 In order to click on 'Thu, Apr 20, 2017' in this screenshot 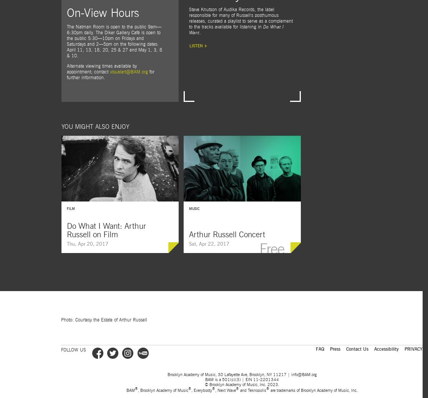, I will do `click(88, 244)`.